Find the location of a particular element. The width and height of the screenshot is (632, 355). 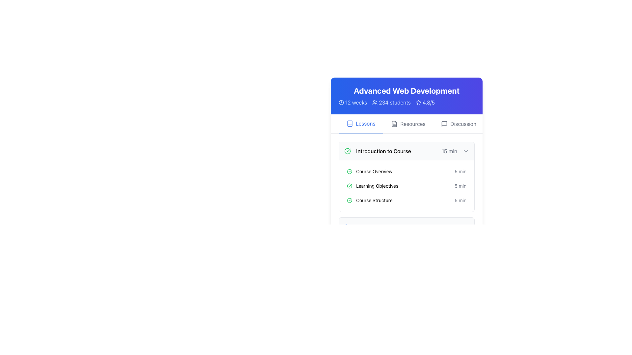

the text label indicating a specific topic or section within the 'Introduction to Course' module, located to the right of a green checkmark icon and is the third item in the list is located at coordinates (374, 200).